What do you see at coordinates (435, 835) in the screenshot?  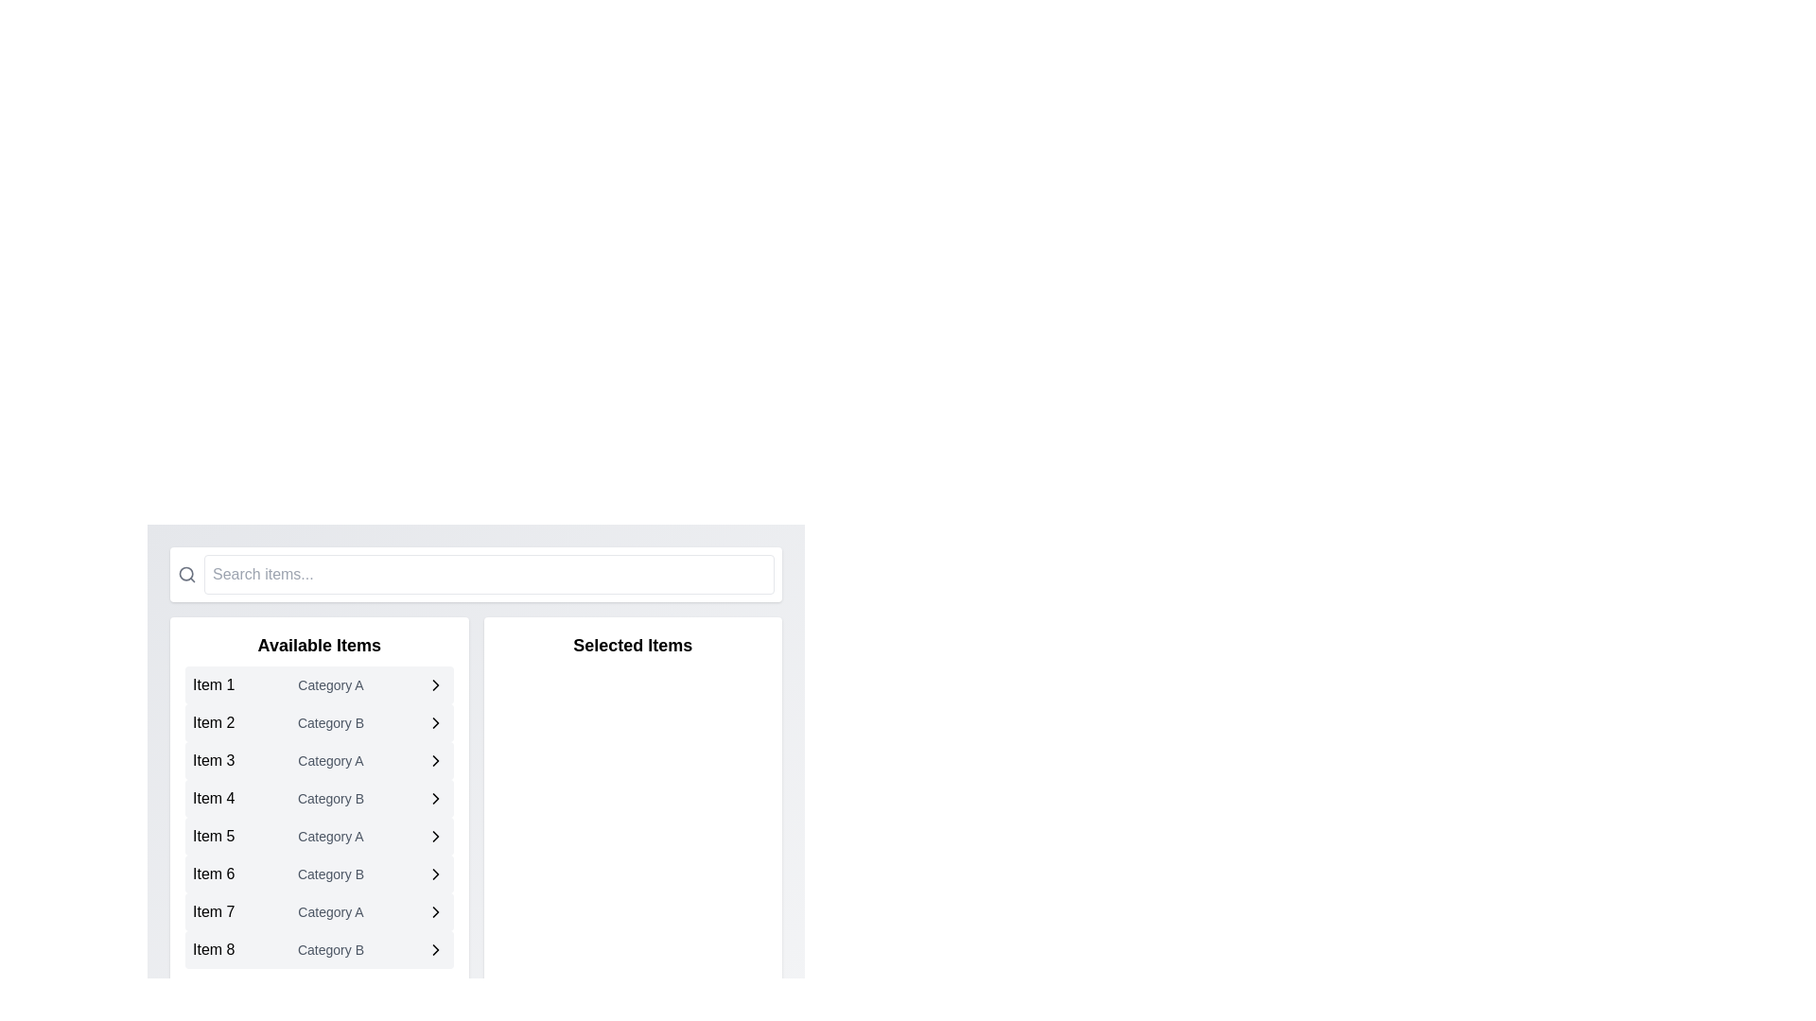 I see `the right arrow icon located beside 'Item 5' in the 'Available Items' list, which is styled with a thin stroke and no fill, typical of navigation indicators` at bounding box center [435, 835].